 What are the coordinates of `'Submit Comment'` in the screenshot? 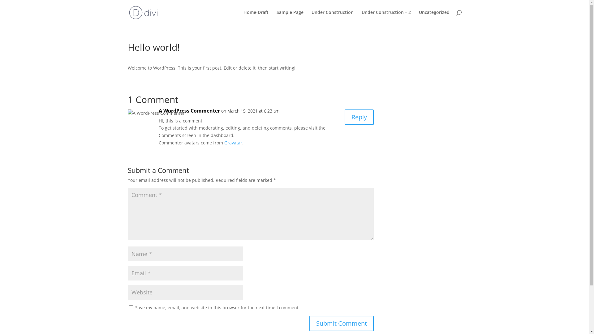 It's located at (341, 323).